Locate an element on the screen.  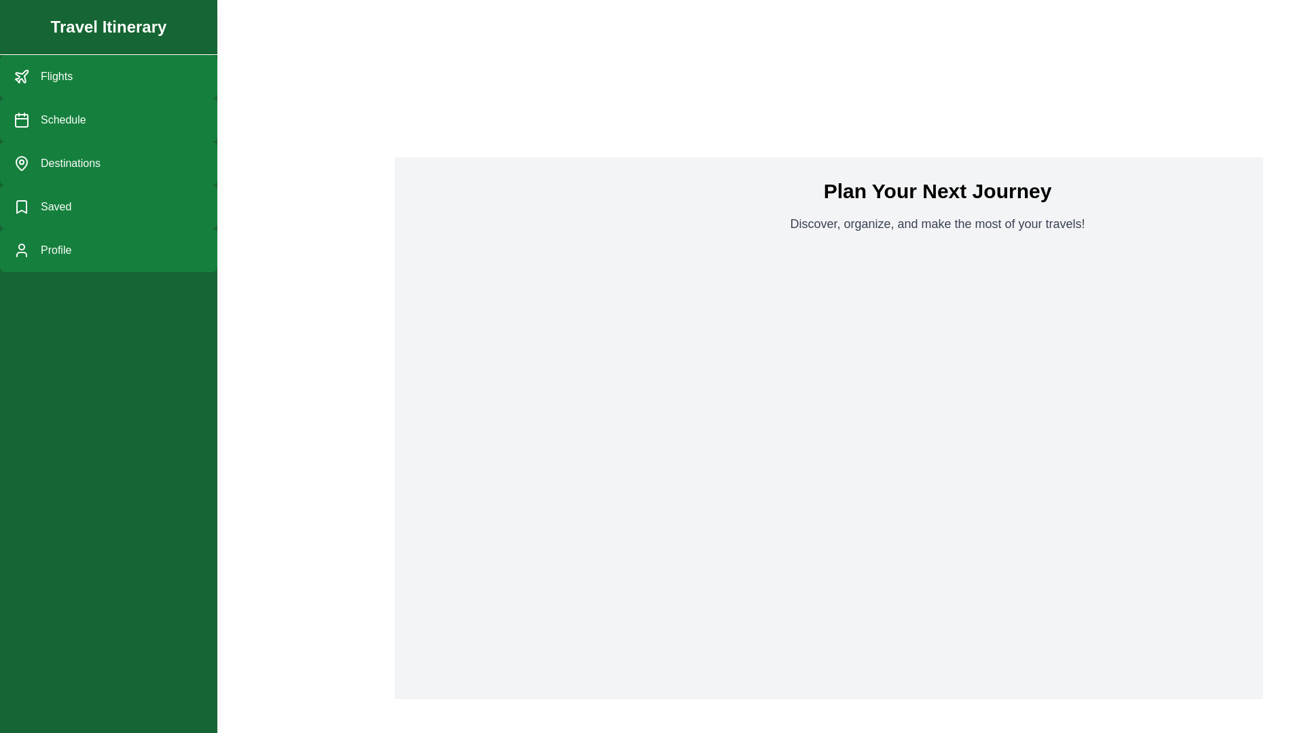
the bookmark icon, which is a white hollow outline against a green background, located in the left navigation bar is located at coordinates (22, 206).